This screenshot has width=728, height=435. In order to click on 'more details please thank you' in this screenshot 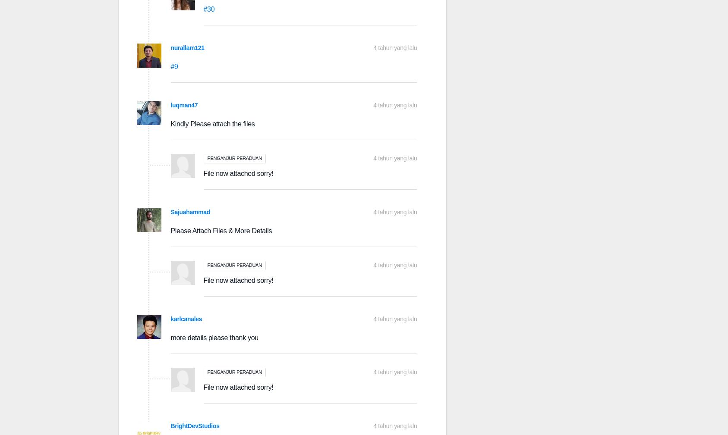, I will do `click(214, 338)`.